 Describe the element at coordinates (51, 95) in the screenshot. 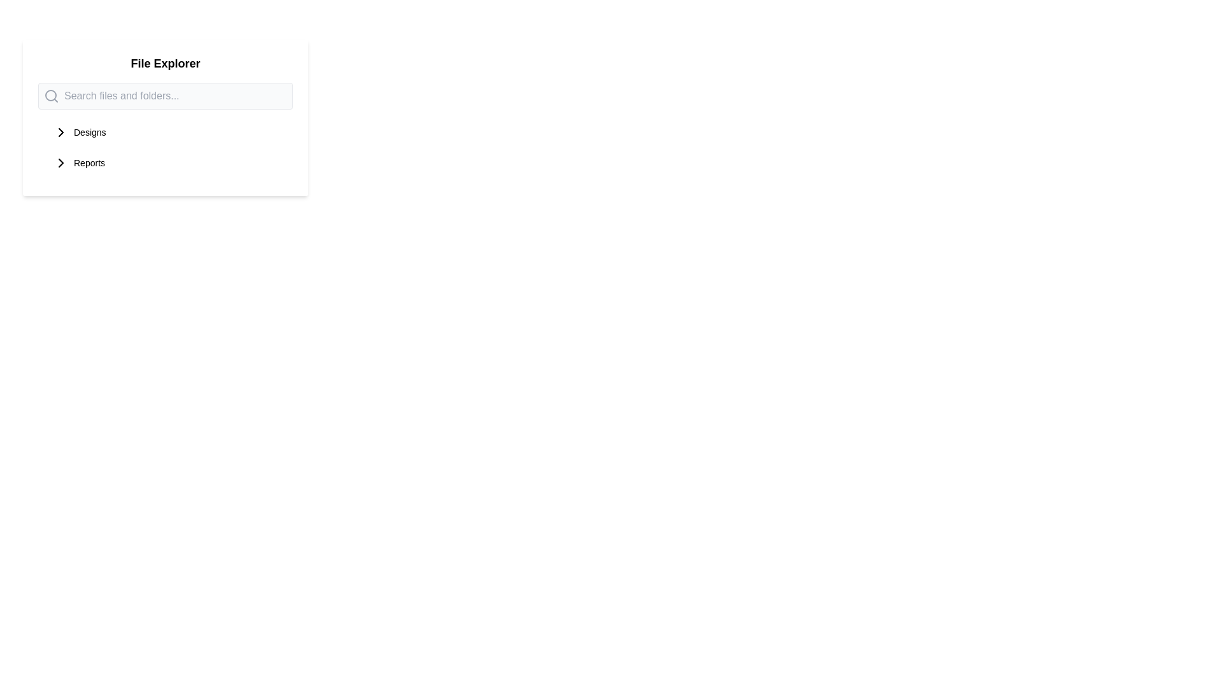

I see `the decorative circular graphic component of the search icon located at the top-left corner of the search bar` at that location.